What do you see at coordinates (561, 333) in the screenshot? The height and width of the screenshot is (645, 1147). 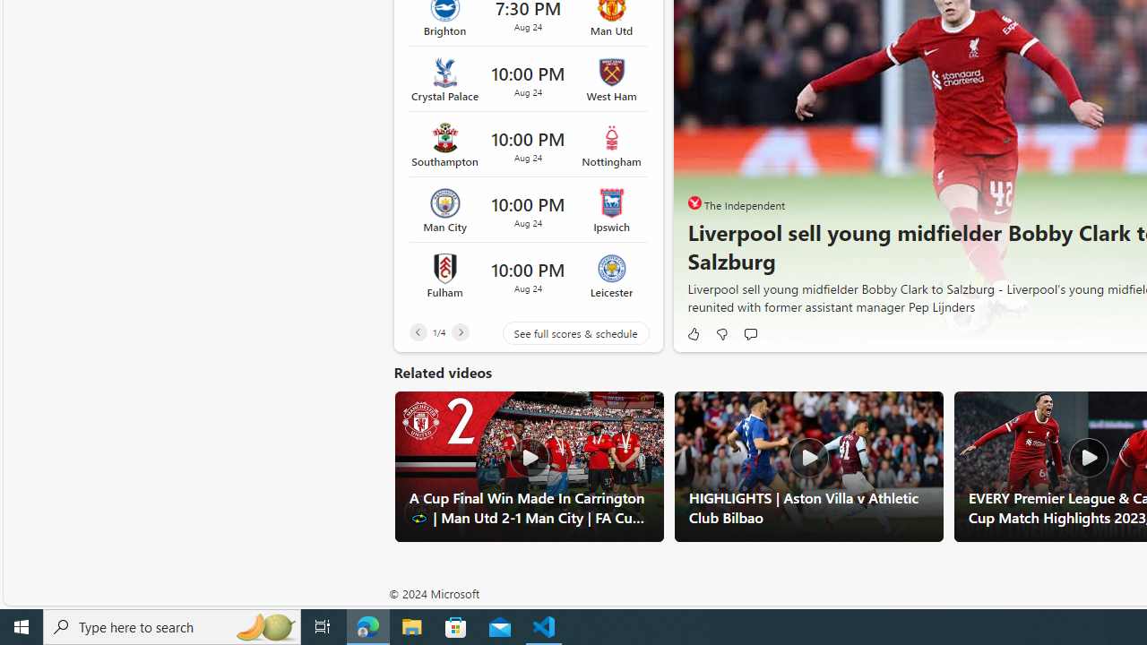 I see `'See full scores & schedule'` at bounding box center [561, 333].